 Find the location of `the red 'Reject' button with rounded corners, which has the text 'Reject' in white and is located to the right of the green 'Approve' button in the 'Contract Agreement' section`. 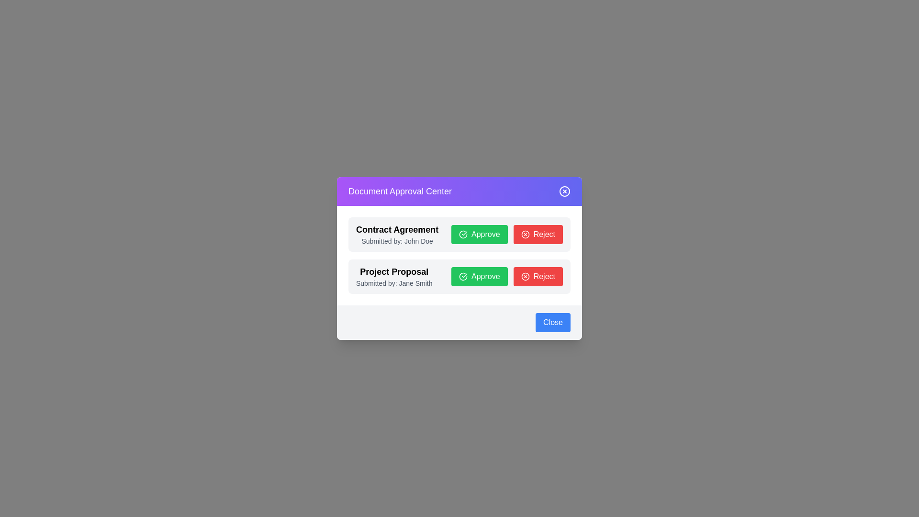

the red 'Reject' button with rounded corners, which has the text 'Reject' in white and is located to the right of the green 'Approve' button in the 'Contract Agreement' section is located at coordinates (538, 234).